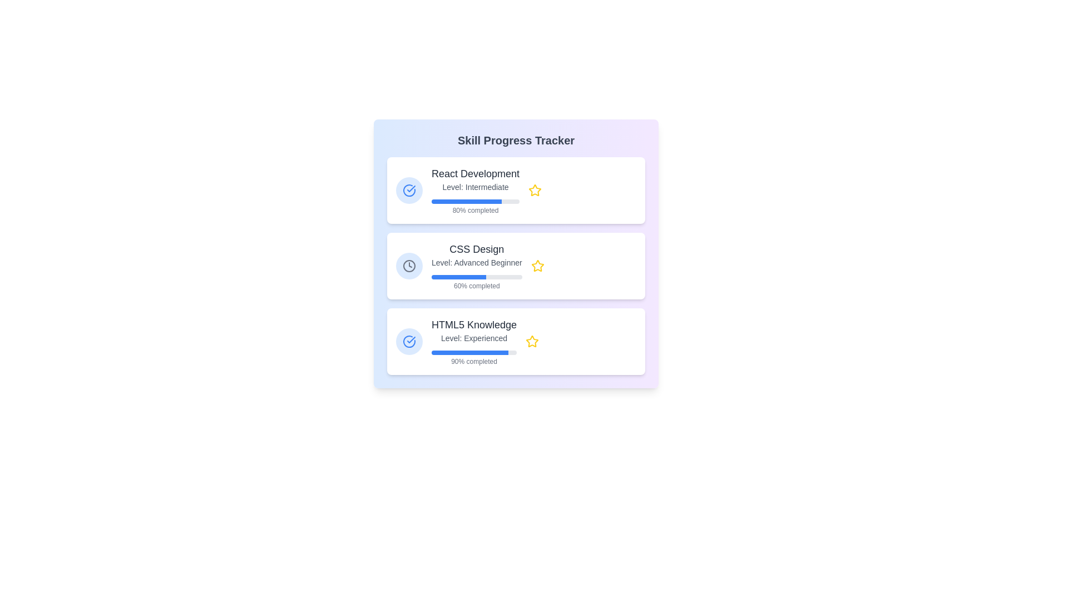 This screenshot has height=600, width=1068. Describe the element at coordinates (515, 190) in the screenshot. I see `the first interactive progress card in the 'Skill Progress Tracker' section` at that location.